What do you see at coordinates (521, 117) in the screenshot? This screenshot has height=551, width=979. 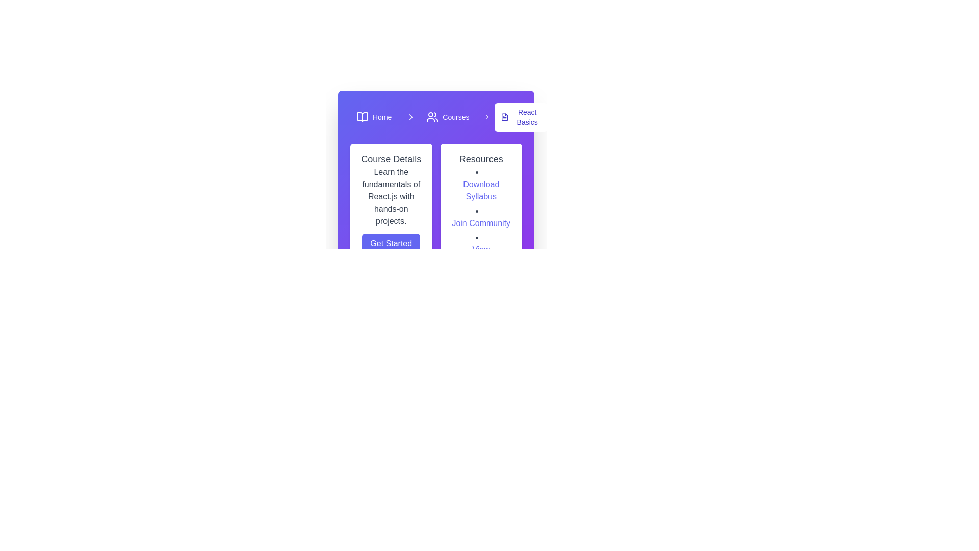 I see `the 'React Basics' button, which is styled with a bold text label and a document icon, located in the top-right of a purple card` at bounding box center [521, 117].